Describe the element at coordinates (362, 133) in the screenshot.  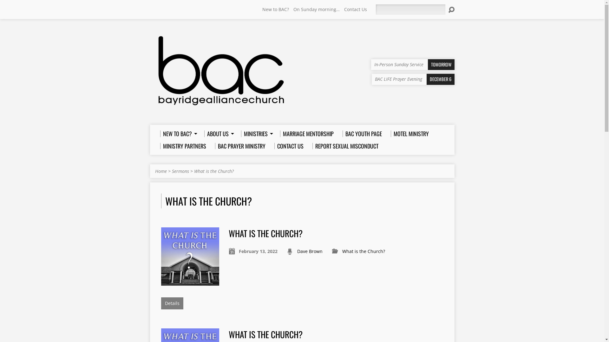
I see `'BAC YOUTH PAGE'` at that location.